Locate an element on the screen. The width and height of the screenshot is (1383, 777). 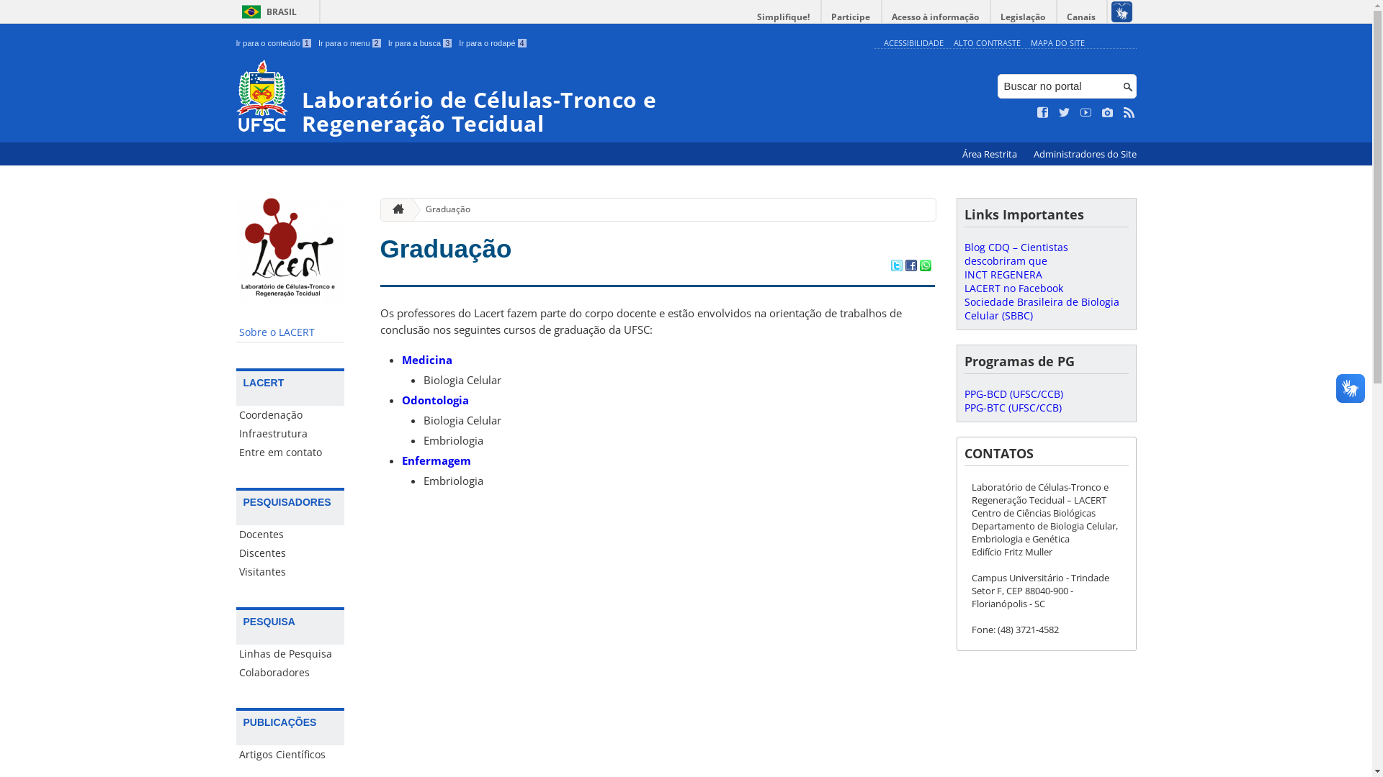
'Linhas de Pesquisa' is located at coordinates (290, 654).